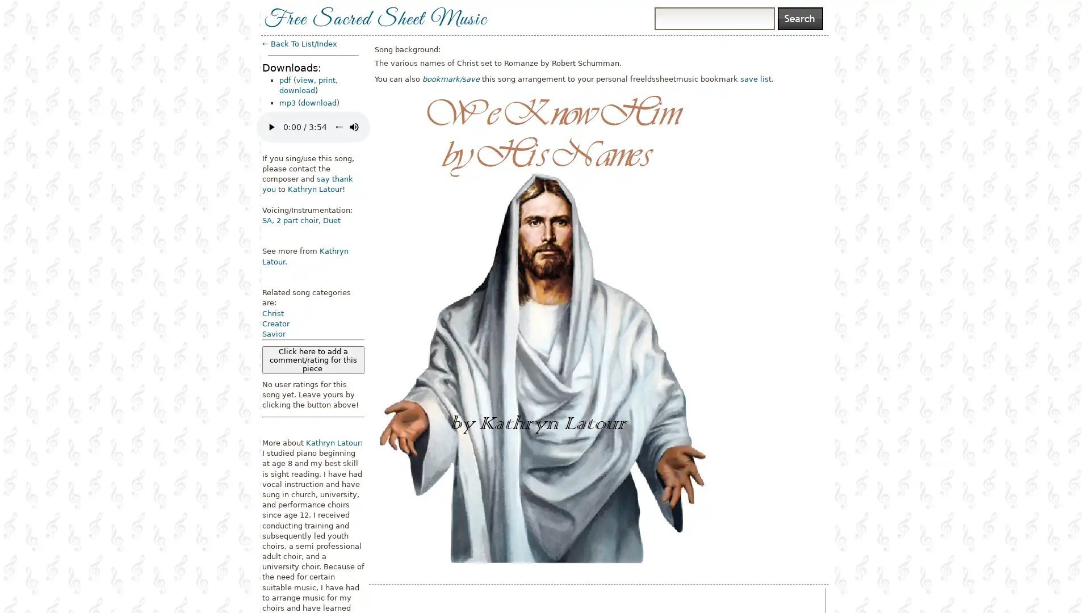 Image resolution: width=1090 pixels, height=613 pixels. What do you see at coordinates (354, 127) in the screenshot?
I see `mute` at bounding box center [354, 127].